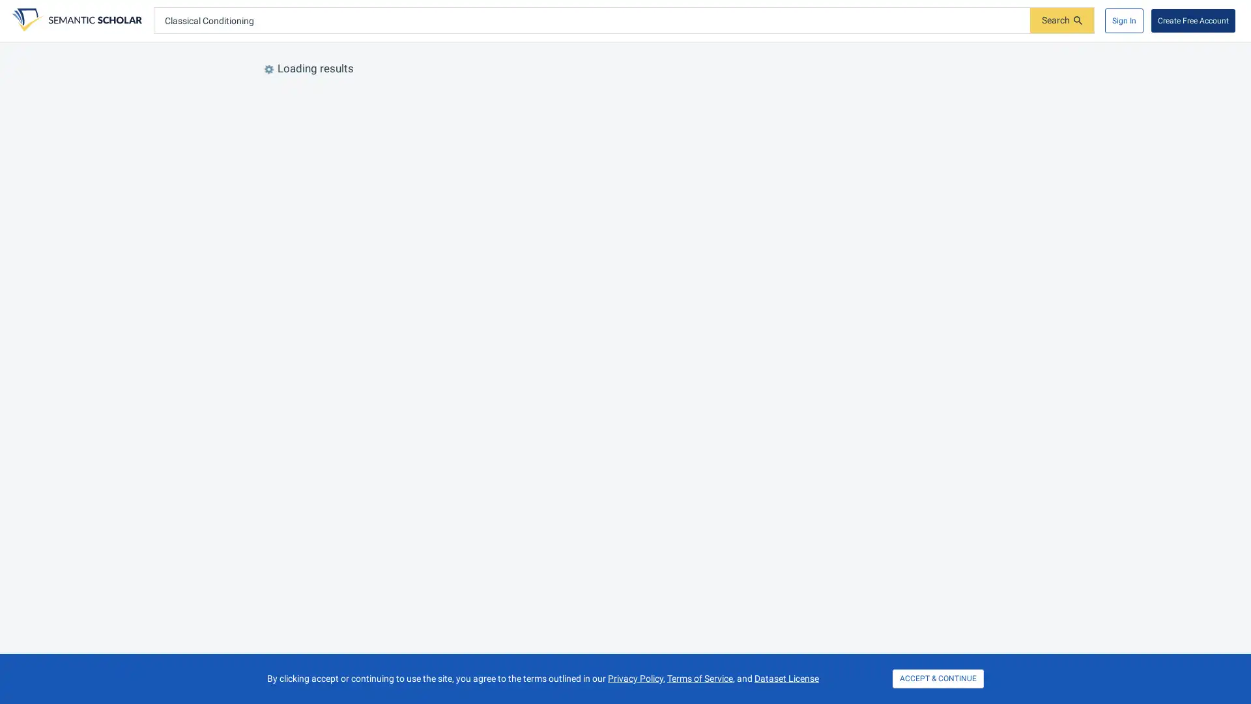  What do you see at coordinates (358, 519) in the screenshot?
I see `Save to Library` at bounding box center [358, 519].